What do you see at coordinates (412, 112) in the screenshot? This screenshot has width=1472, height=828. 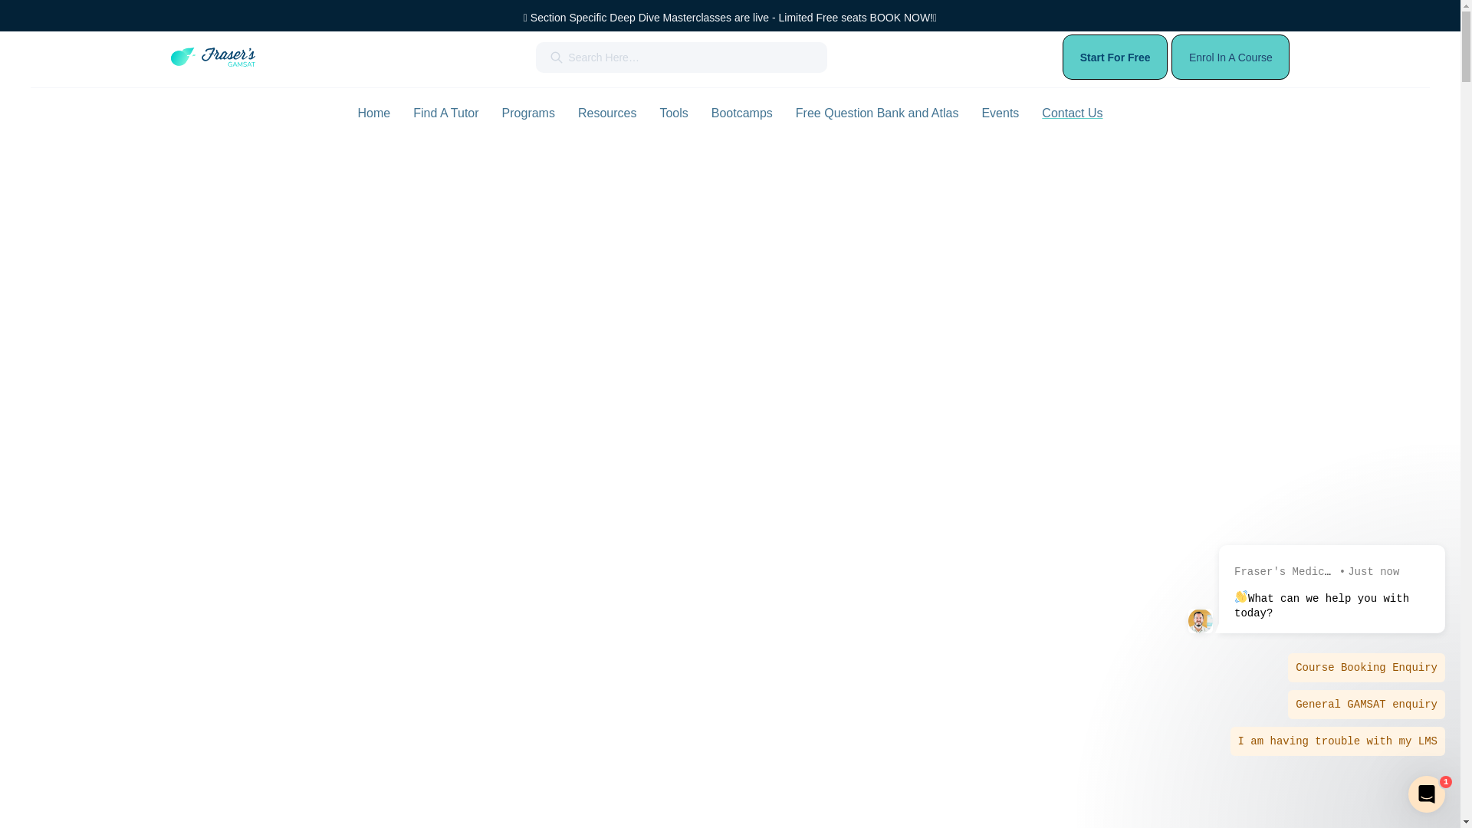 I see `'Find A Tutor'` at bounding box center [412, 112].